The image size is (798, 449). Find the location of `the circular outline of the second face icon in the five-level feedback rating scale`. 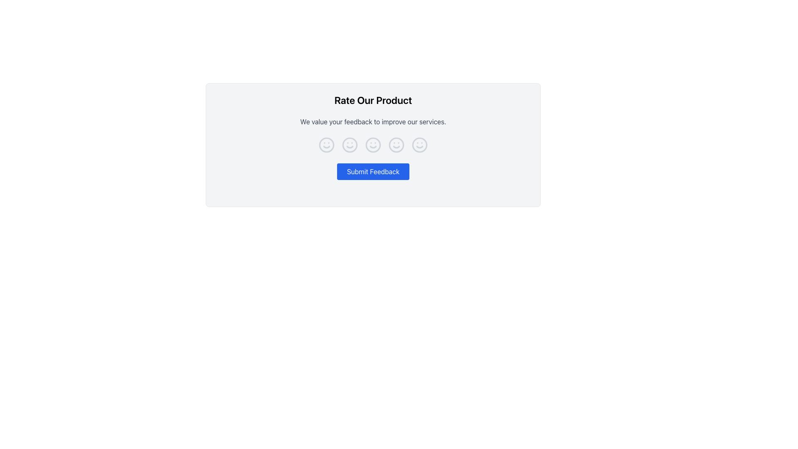

the circular outline of the second face icon in the five-level feedback rating scale is located at coordinates (372, 144).